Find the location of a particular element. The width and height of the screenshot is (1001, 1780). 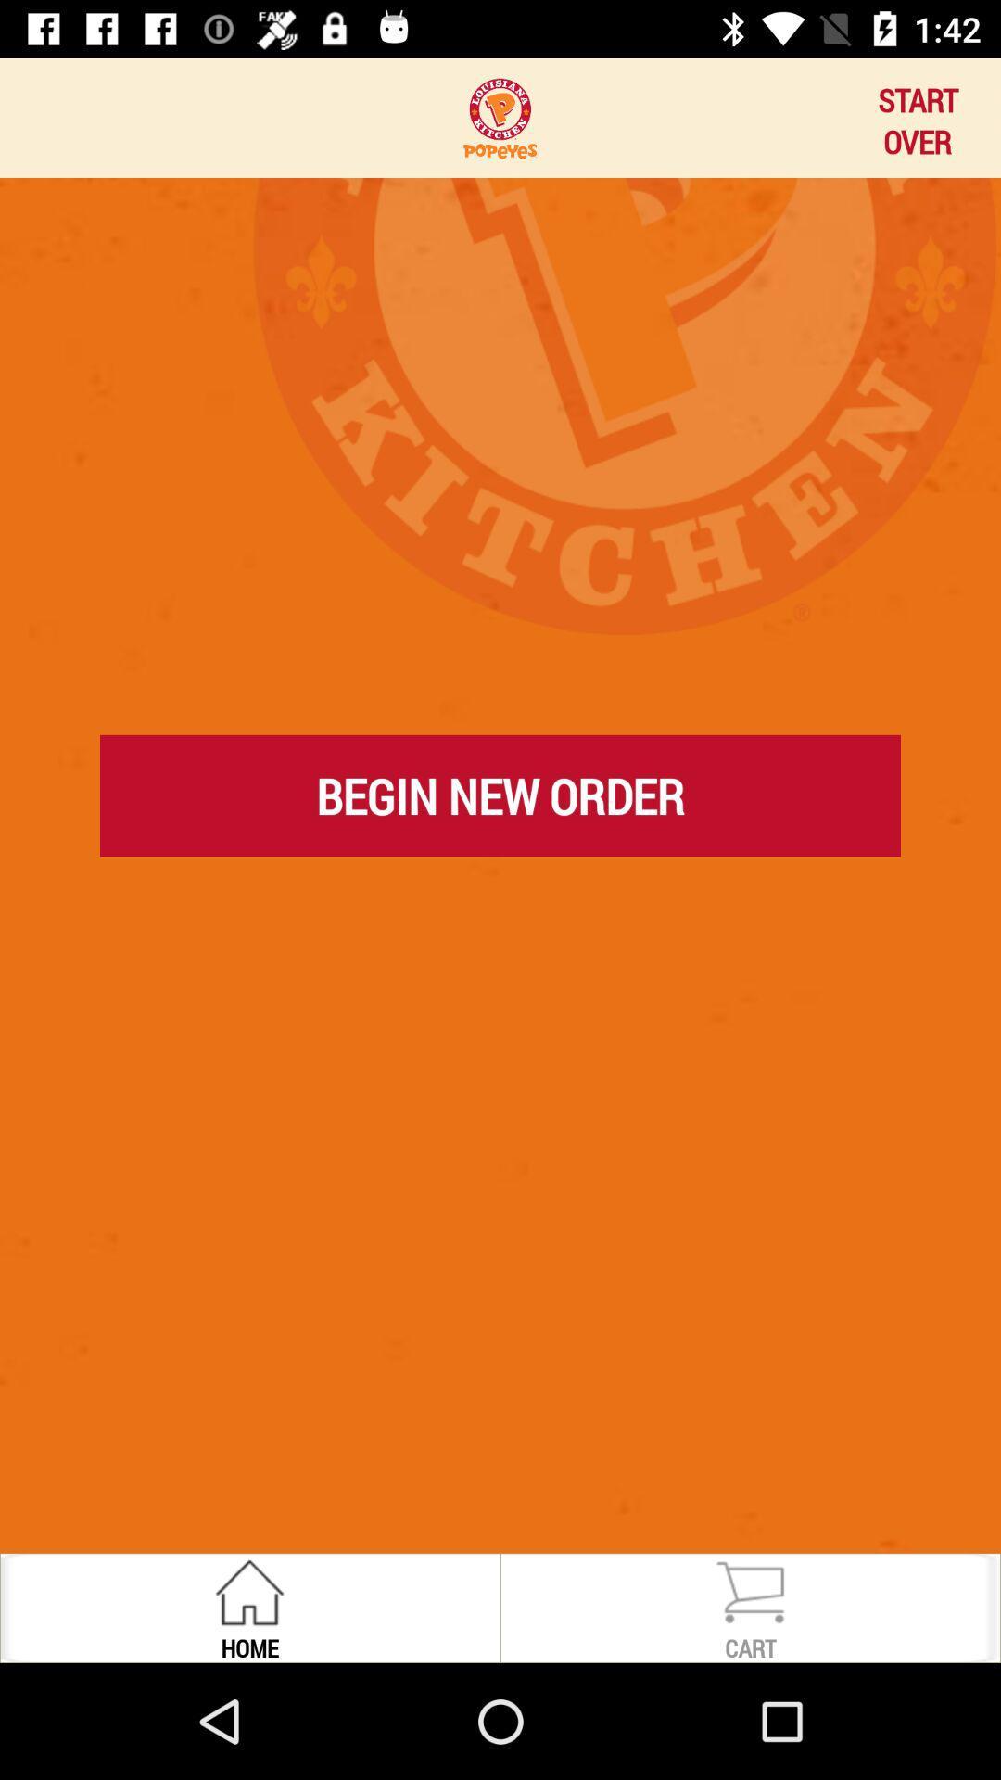

the cart icon is located at coordinates (749, 1591).